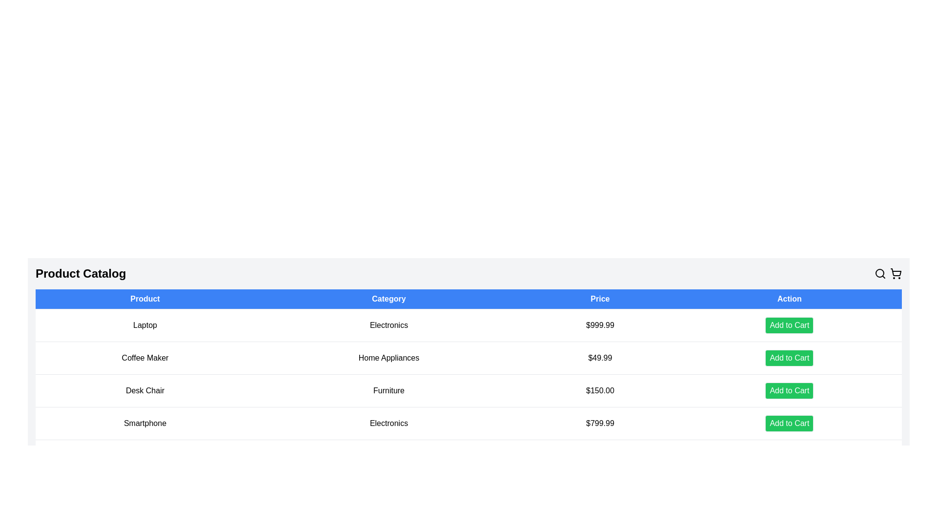 Image resolution: width=937 pixels, height=527 pixels. What do you see at coordinates (599, 299) in the screenshot?
I see `the 'Price' column header text label, which is the third header in a row of four headers ('Product', 'Category', 'Price', 'Action') within a table layout` at bounding box center [599, 299].